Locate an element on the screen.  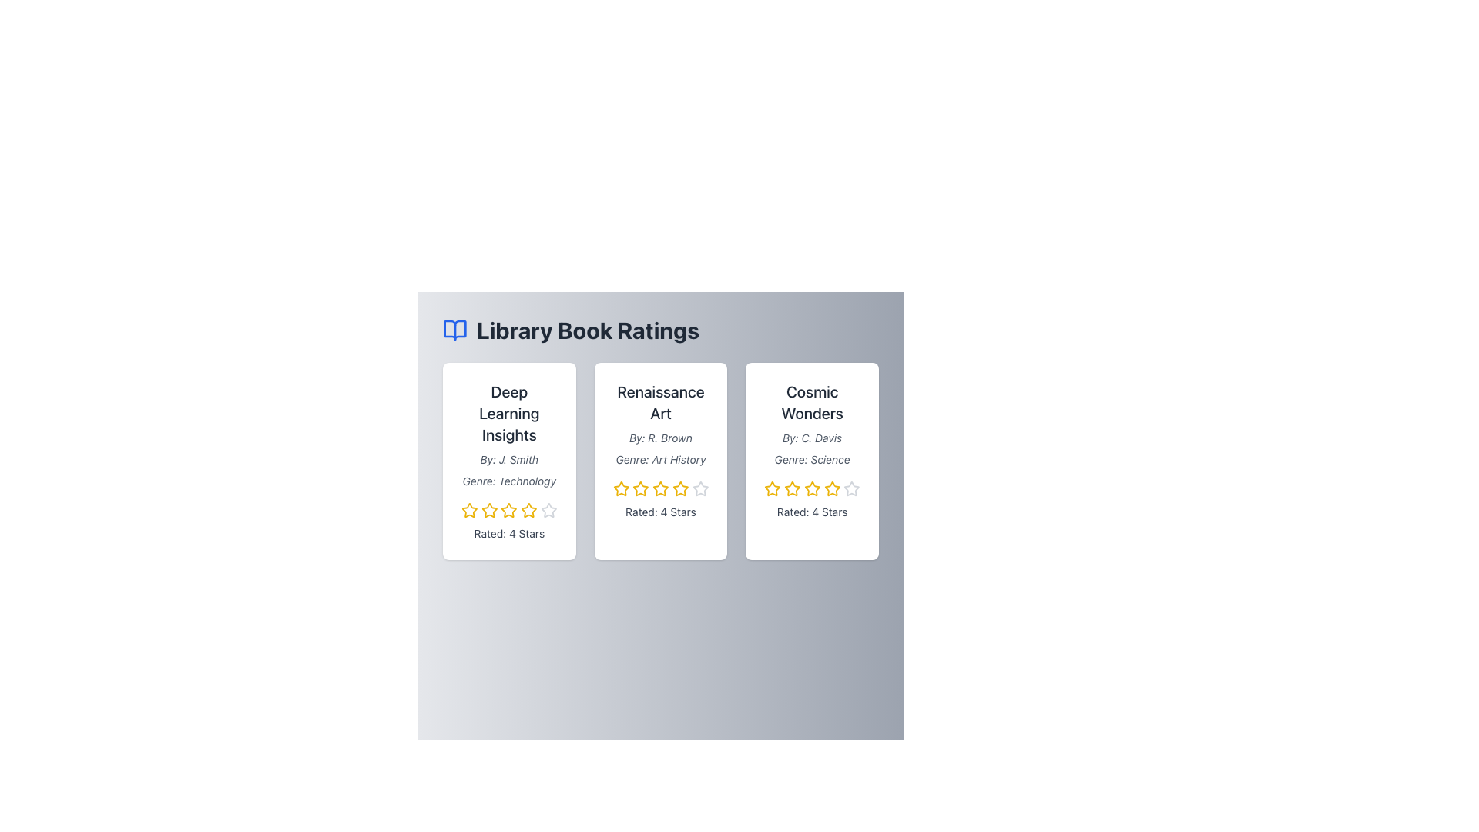
the third star-shaped icon in golden yellow color with a white center, which is part of a rating system below the text 'Rated: 4 Stars' in the 'Cosmic Wonders' card is located at coordinates (831, 488).